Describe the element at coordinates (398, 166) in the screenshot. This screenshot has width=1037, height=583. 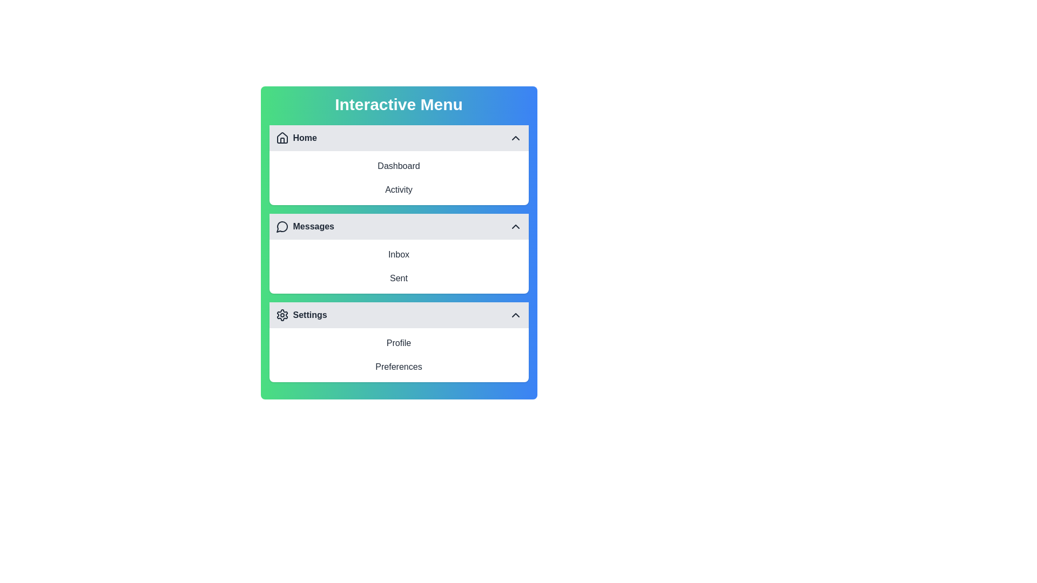
I see `the menu item corresponding to Dashboard to select it` at that location.